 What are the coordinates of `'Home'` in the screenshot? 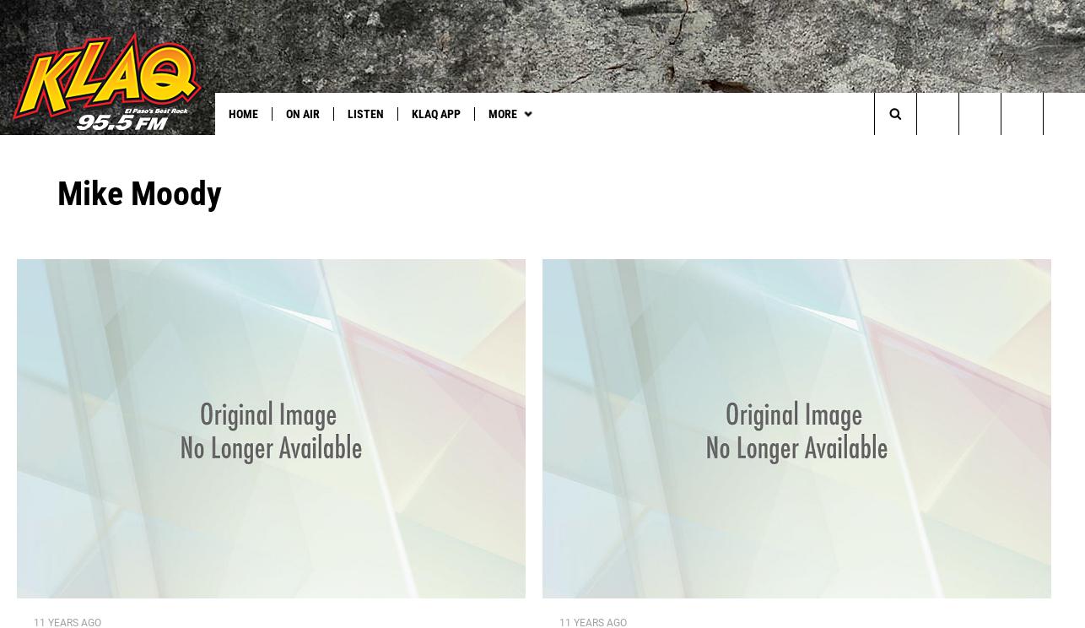 It's located at (228, 114).